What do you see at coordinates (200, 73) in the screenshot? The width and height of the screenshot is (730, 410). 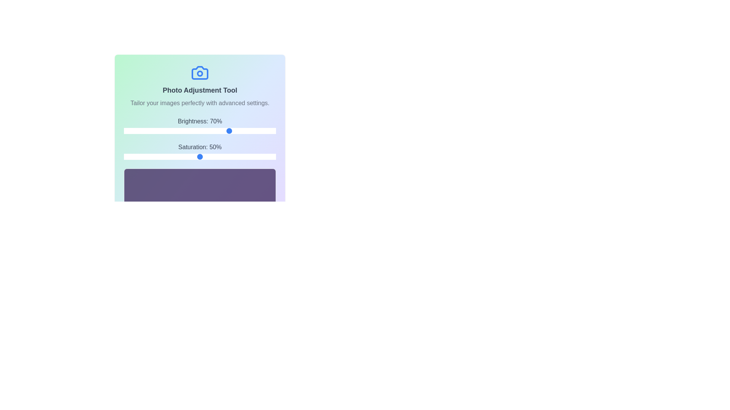 I see `the camera icon to view its effect` at bounding box center [200, 73].